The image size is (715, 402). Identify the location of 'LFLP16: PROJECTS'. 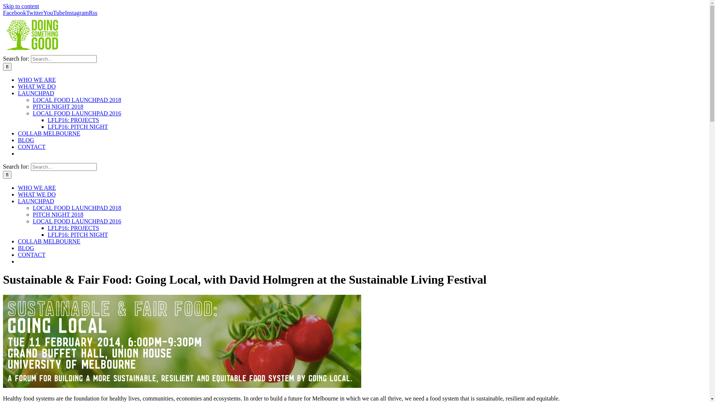
(47, 119).